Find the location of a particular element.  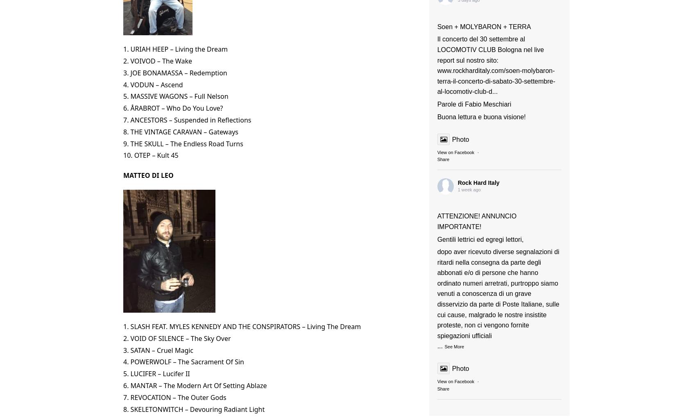

'4. VODUN – Ascend' is located at coordinates (153, 84).